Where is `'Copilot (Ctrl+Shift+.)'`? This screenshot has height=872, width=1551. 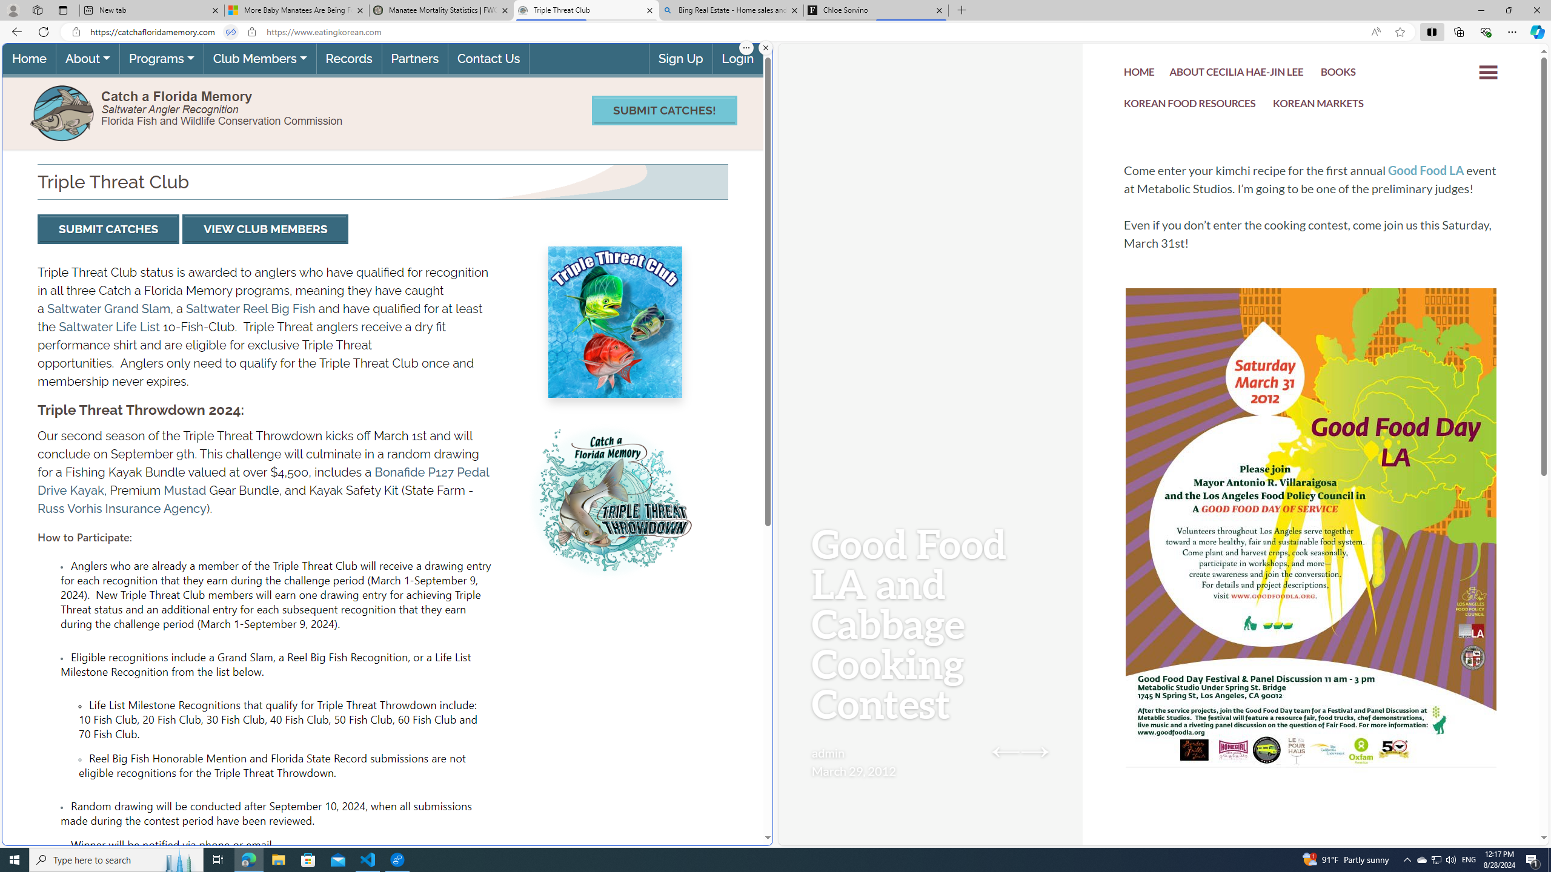 'Copilot (Ctrl+Shift+.)' is located at coordinates (1536, 31).